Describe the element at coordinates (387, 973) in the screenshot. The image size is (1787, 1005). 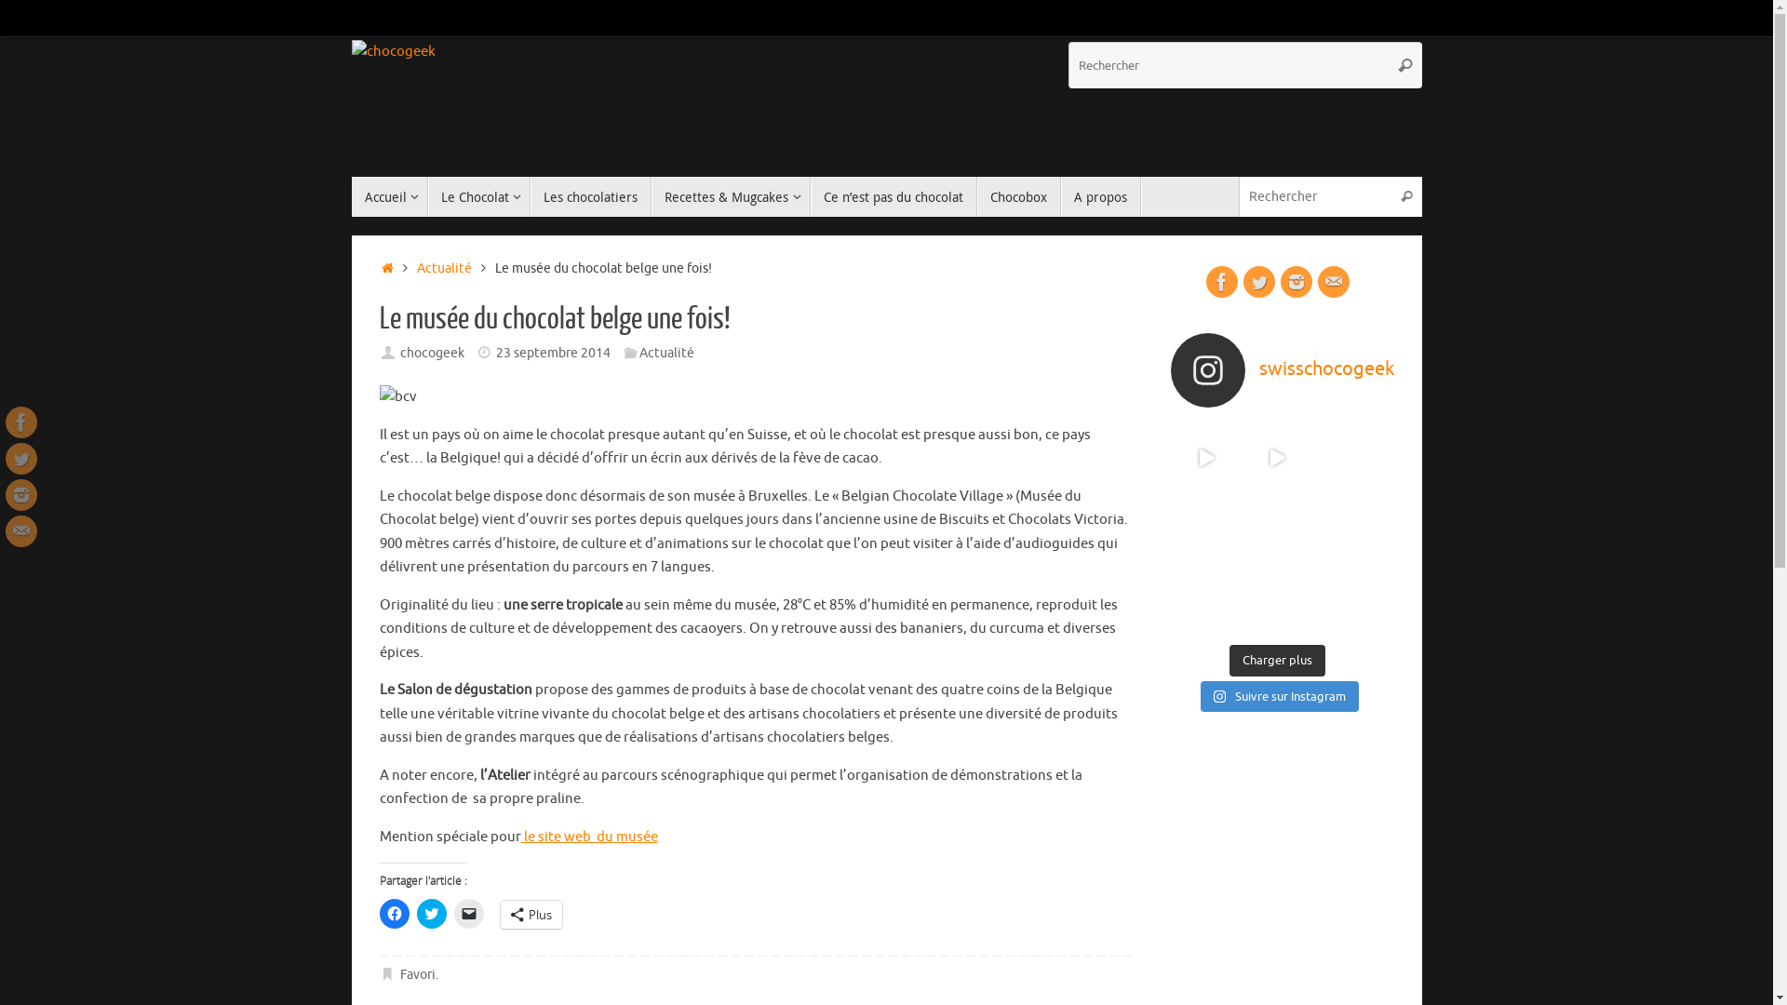
I see `' Ajouter le permalien aux favoris'` at that location.